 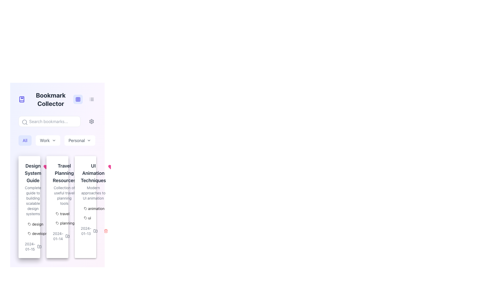 I want to click on the trash bin icon located near the bottom-right of the 'UI Animation Techniques' list item, which features a minimalistic design in red color, so click(x=106, y=231).